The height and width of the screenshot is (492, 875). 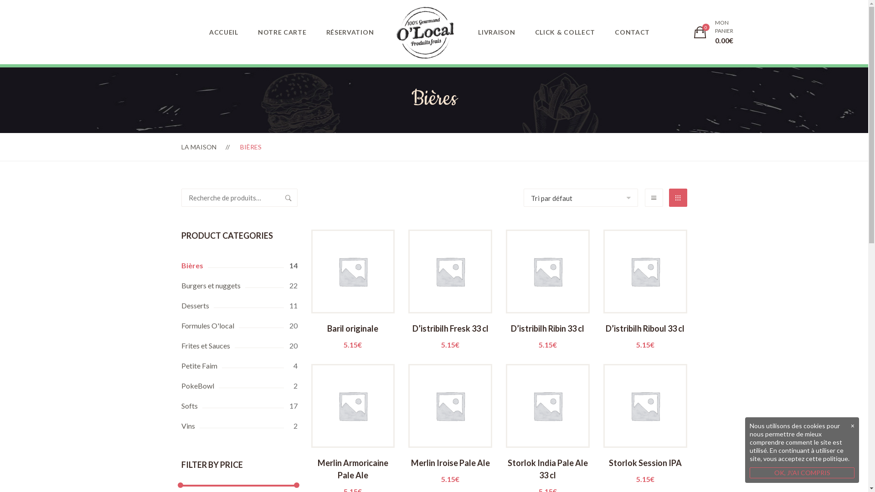 What do you see at coordinates (181, 365) in the screenshot?
I see `'Petite Faim'` at bounding box center [181, 365].